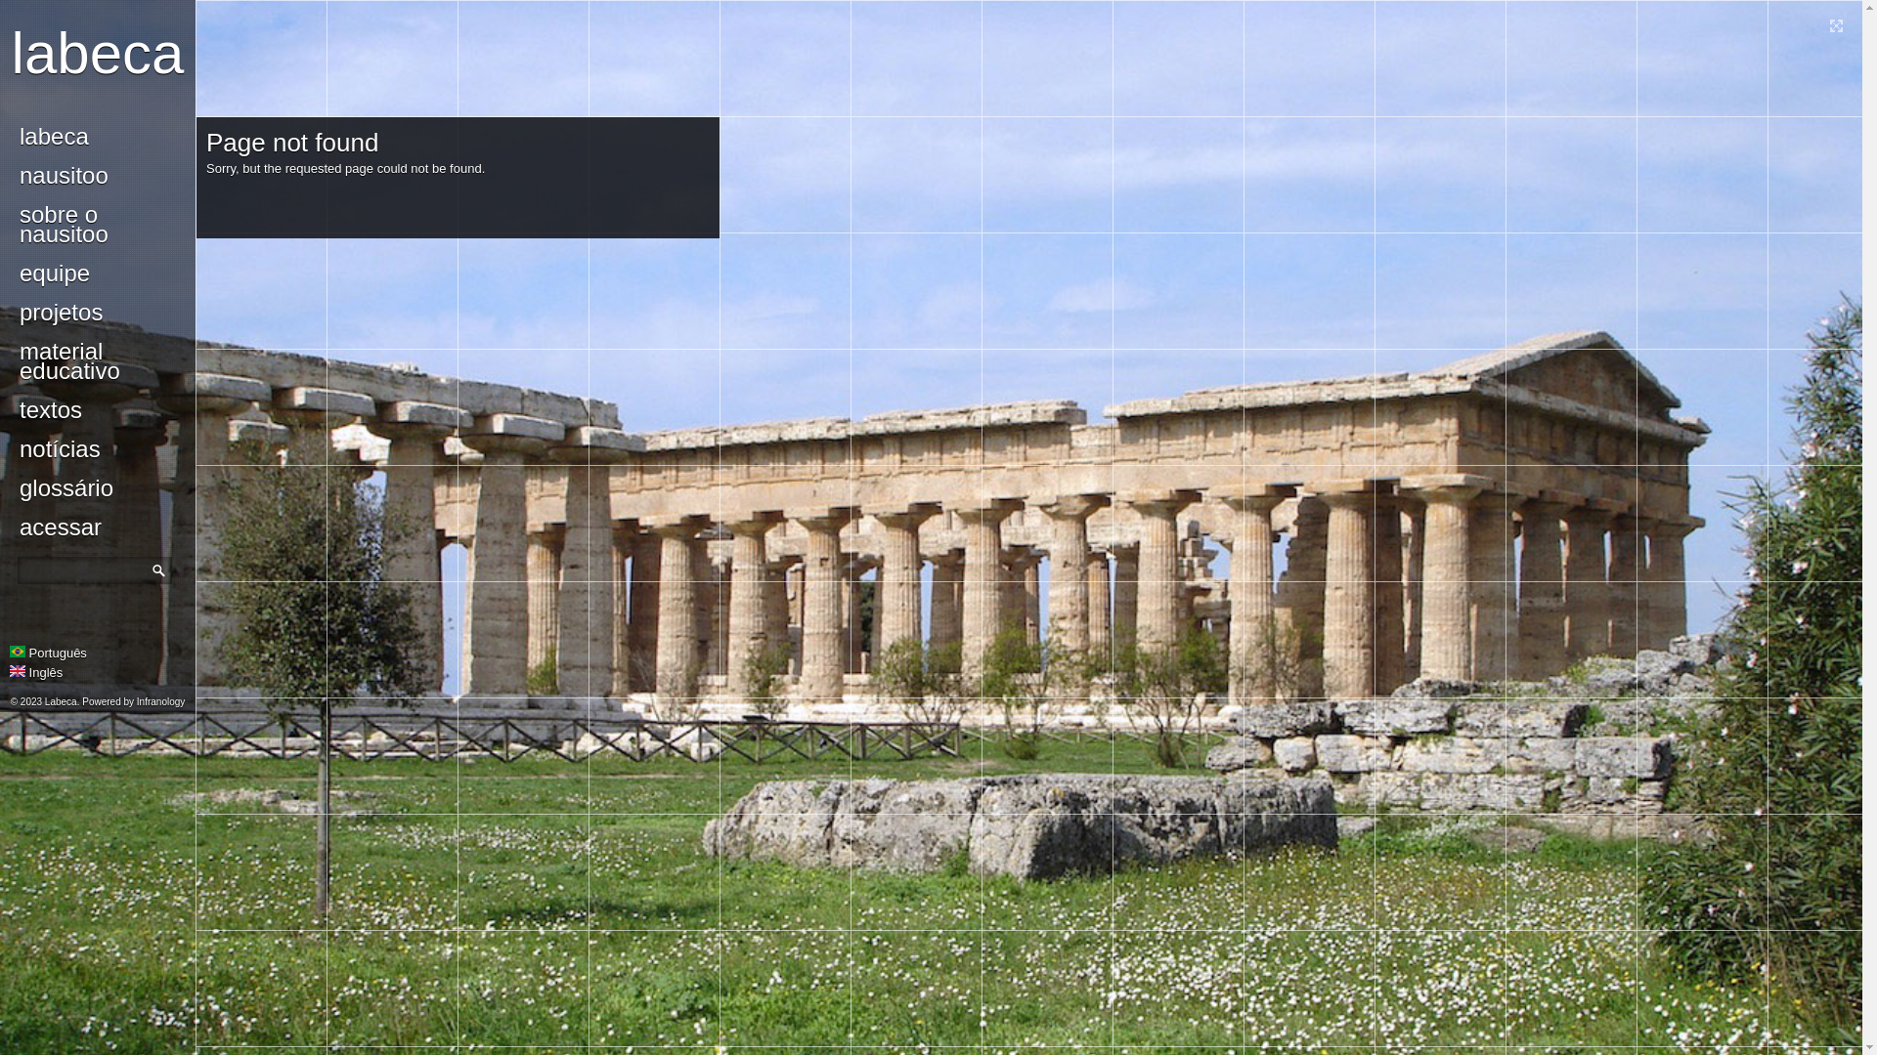 Image resolution: width=1877 pixels, height=1055 pixels. What do you see at coordinates (97, 52) in the screenshot?
I see `'labeca'` at bounding box center [97, 52].